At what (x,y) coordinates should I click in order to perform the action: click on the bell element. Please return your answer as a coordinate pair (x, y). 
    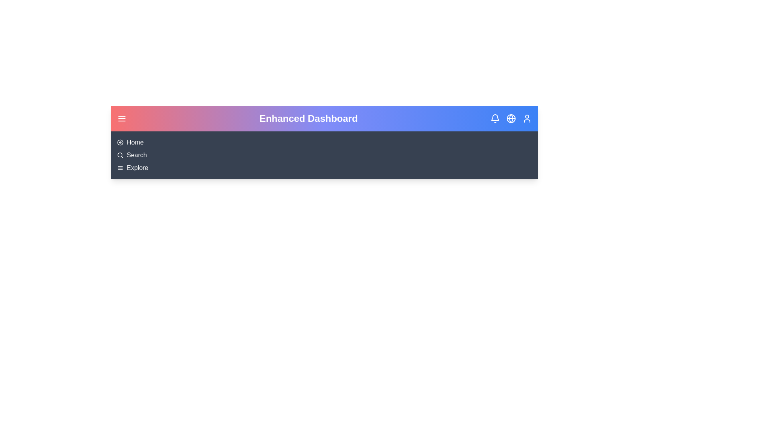
    Looking at the image, I should click on (495, 118).